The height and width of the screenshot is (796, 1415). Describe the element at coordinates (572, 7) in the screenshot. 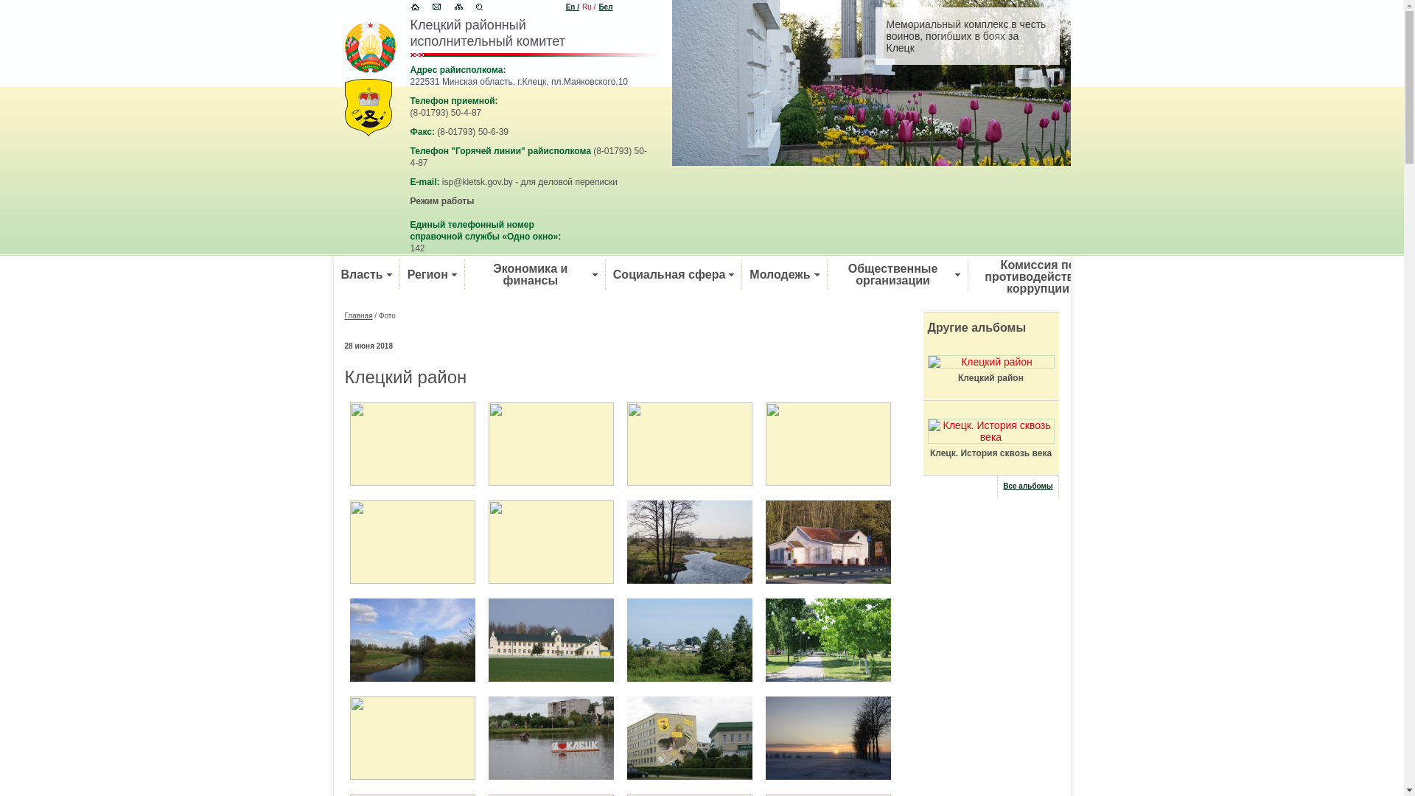

I see `'En /'` at that location.